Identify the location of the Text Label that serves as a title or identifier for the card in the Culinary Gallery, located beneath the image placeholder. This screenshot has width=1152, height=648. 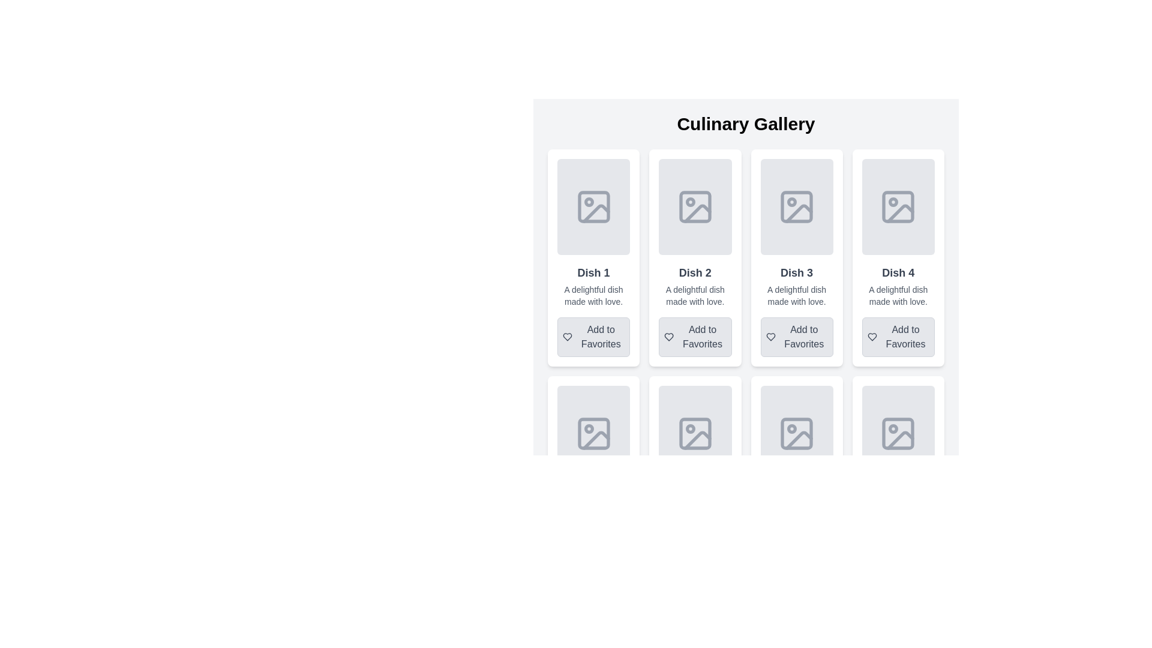
(593, 273).